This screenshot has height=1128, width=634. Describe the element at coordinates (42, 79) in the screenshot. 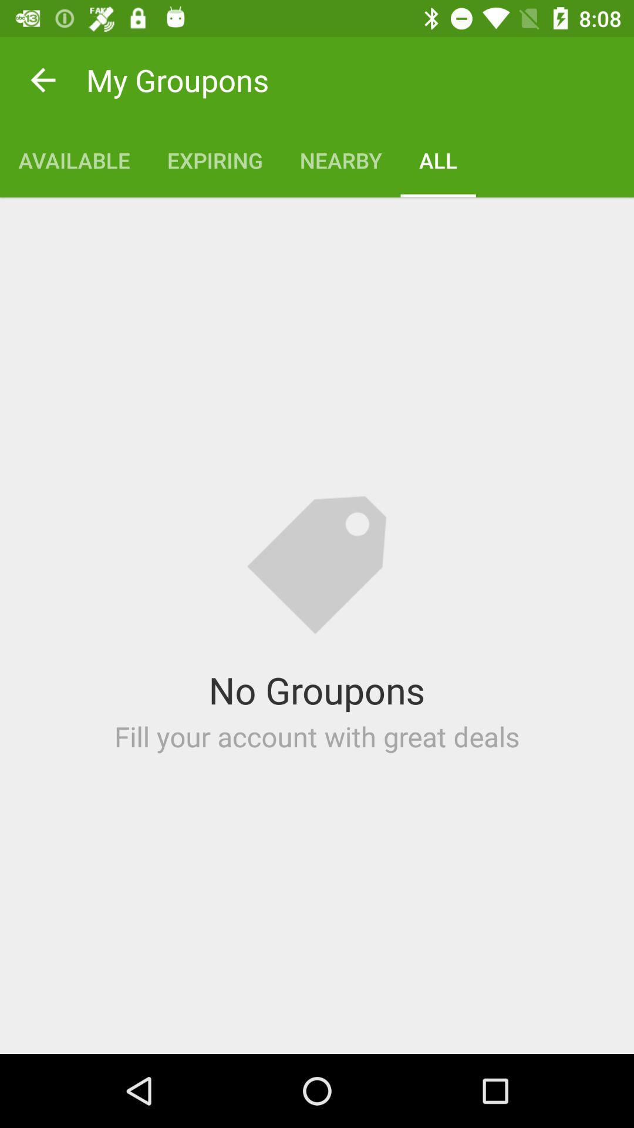

I see `the item to the left of the my groupons item` at that location.